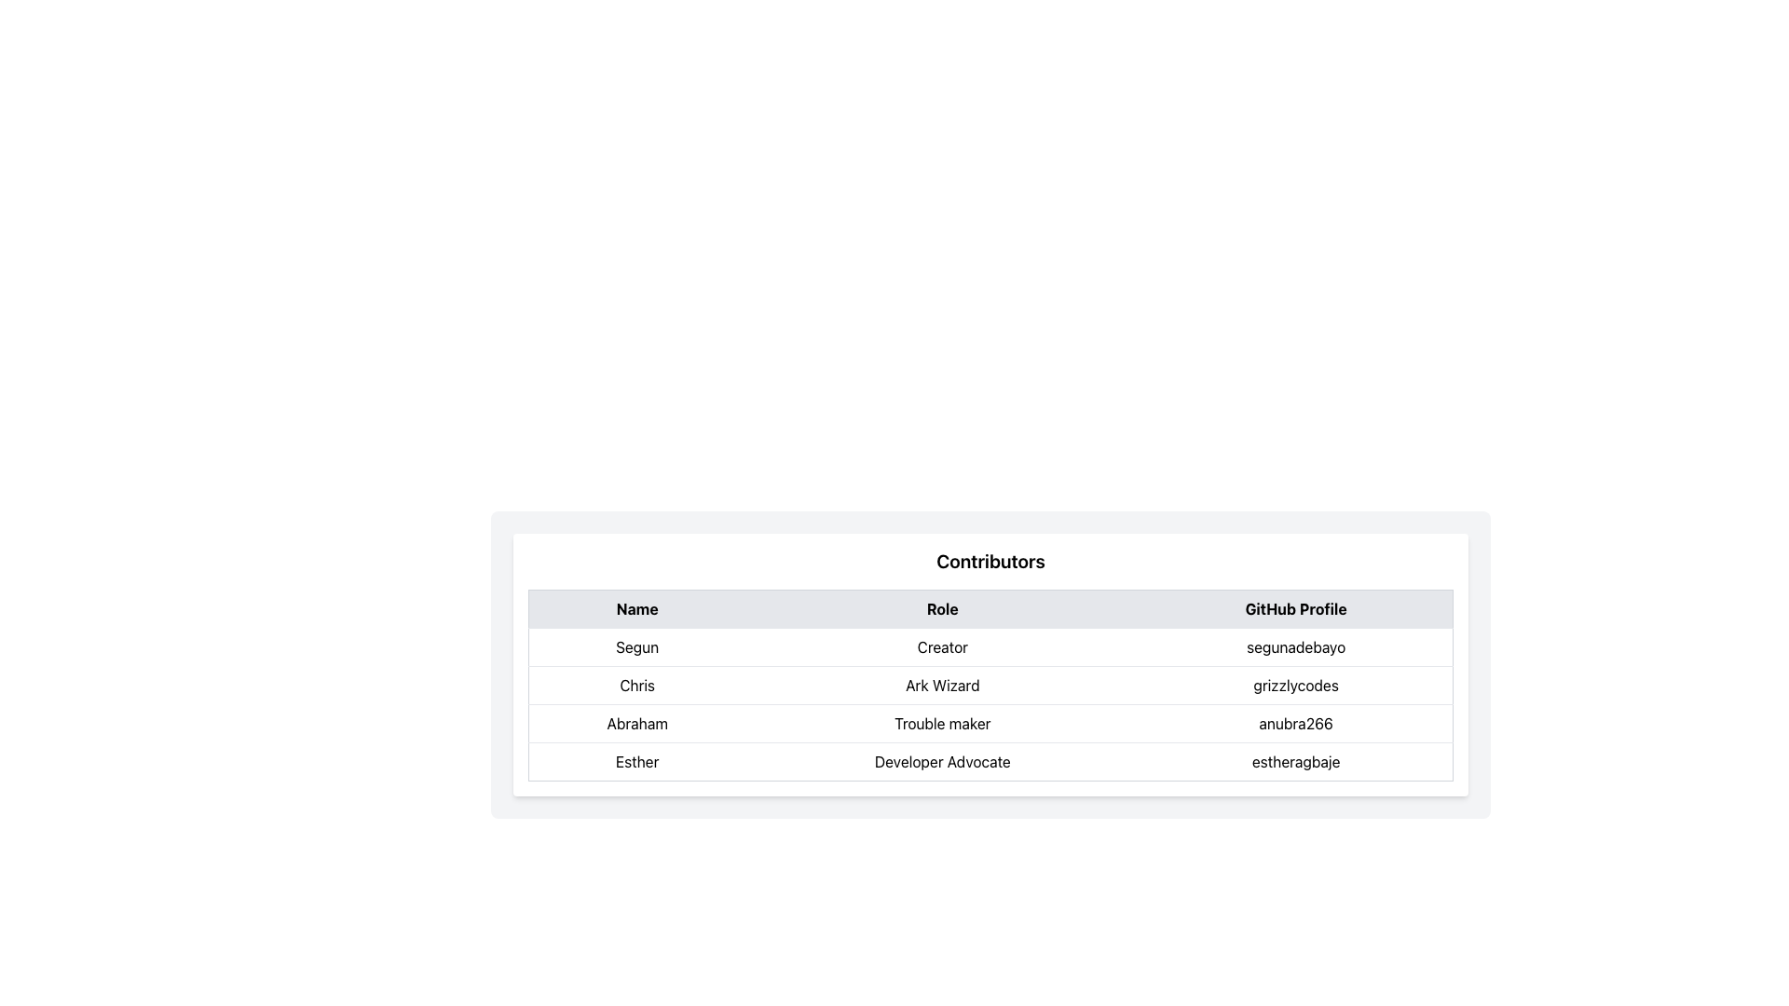  I want to click on the text label 'Ark Wizard' located in the 'Role' column of the table, so click(942, 686).